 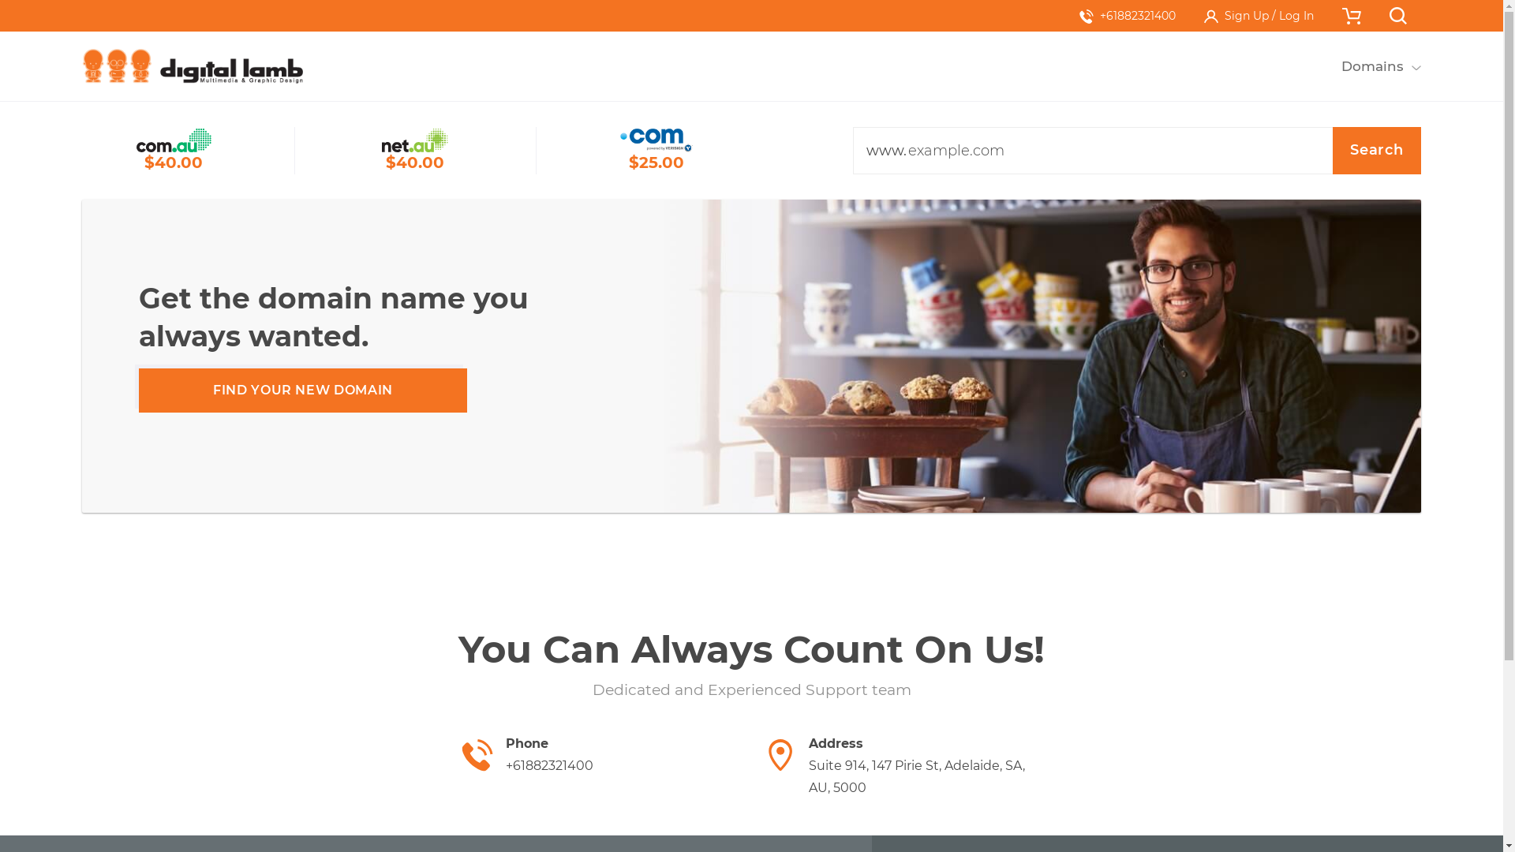 I want to click on '+61882321400', so click(x=1127, y=15).